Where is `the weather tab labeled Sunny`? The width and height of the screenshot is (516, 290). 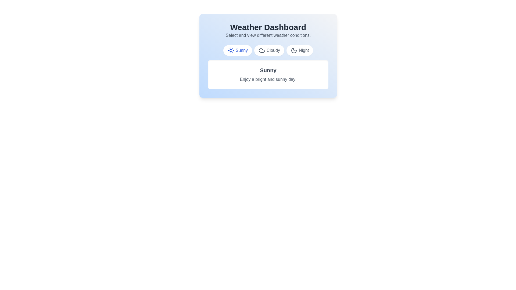 the weather tab labeled Sunny is located at coordinates (237, 50).